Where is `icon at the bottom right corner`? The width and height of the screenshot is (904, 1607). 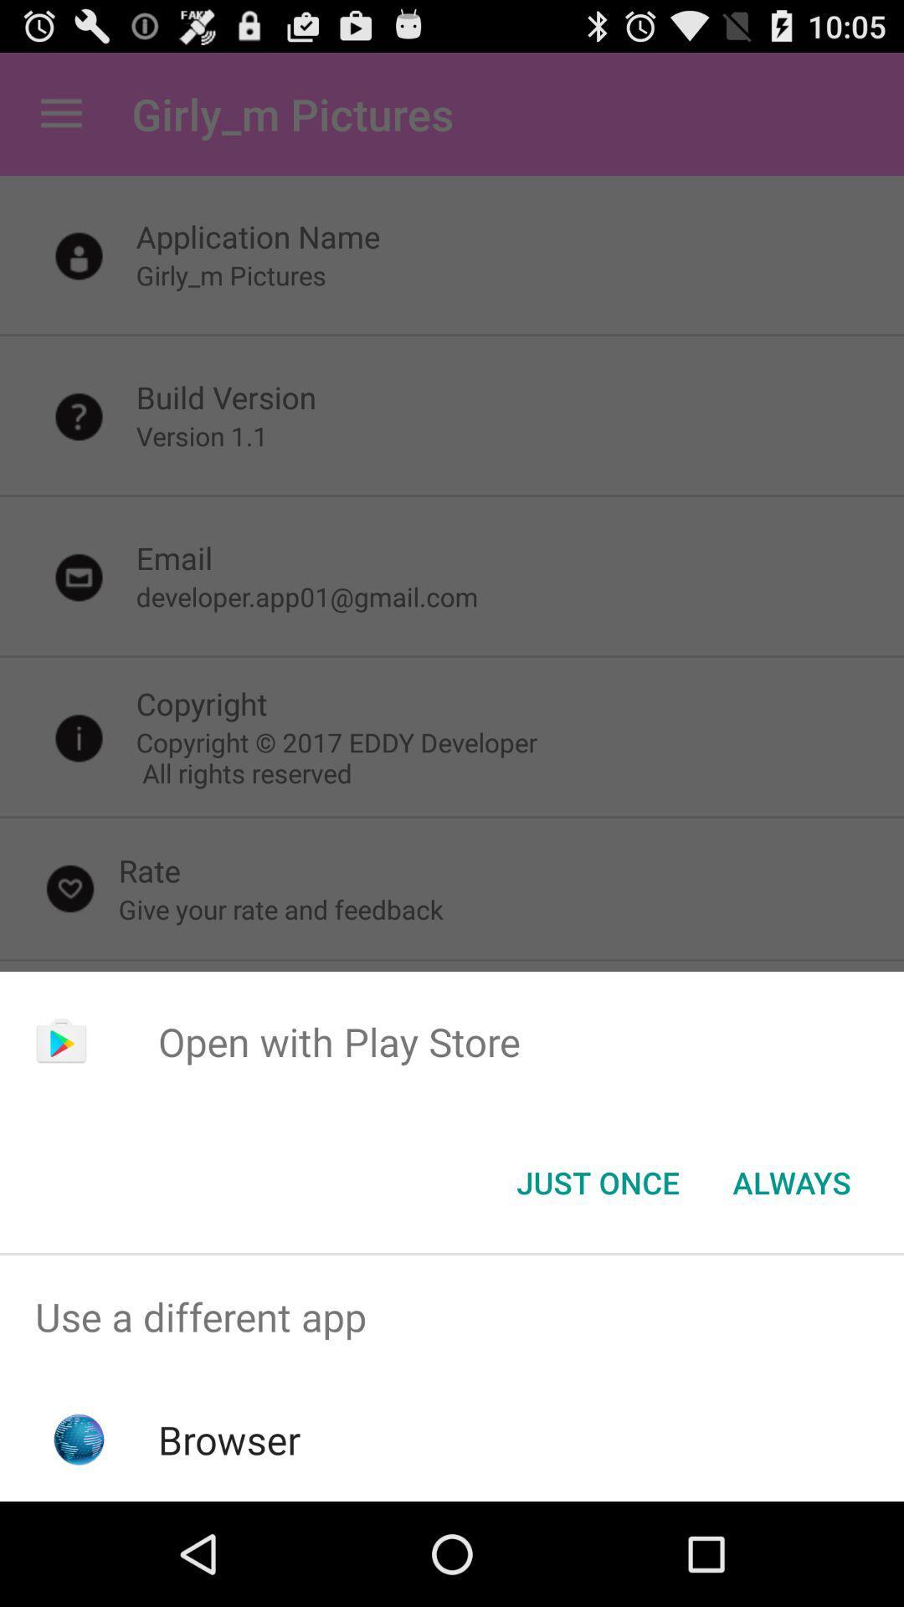
icon at the bottom right corner is located at coordinates (791, 1181).